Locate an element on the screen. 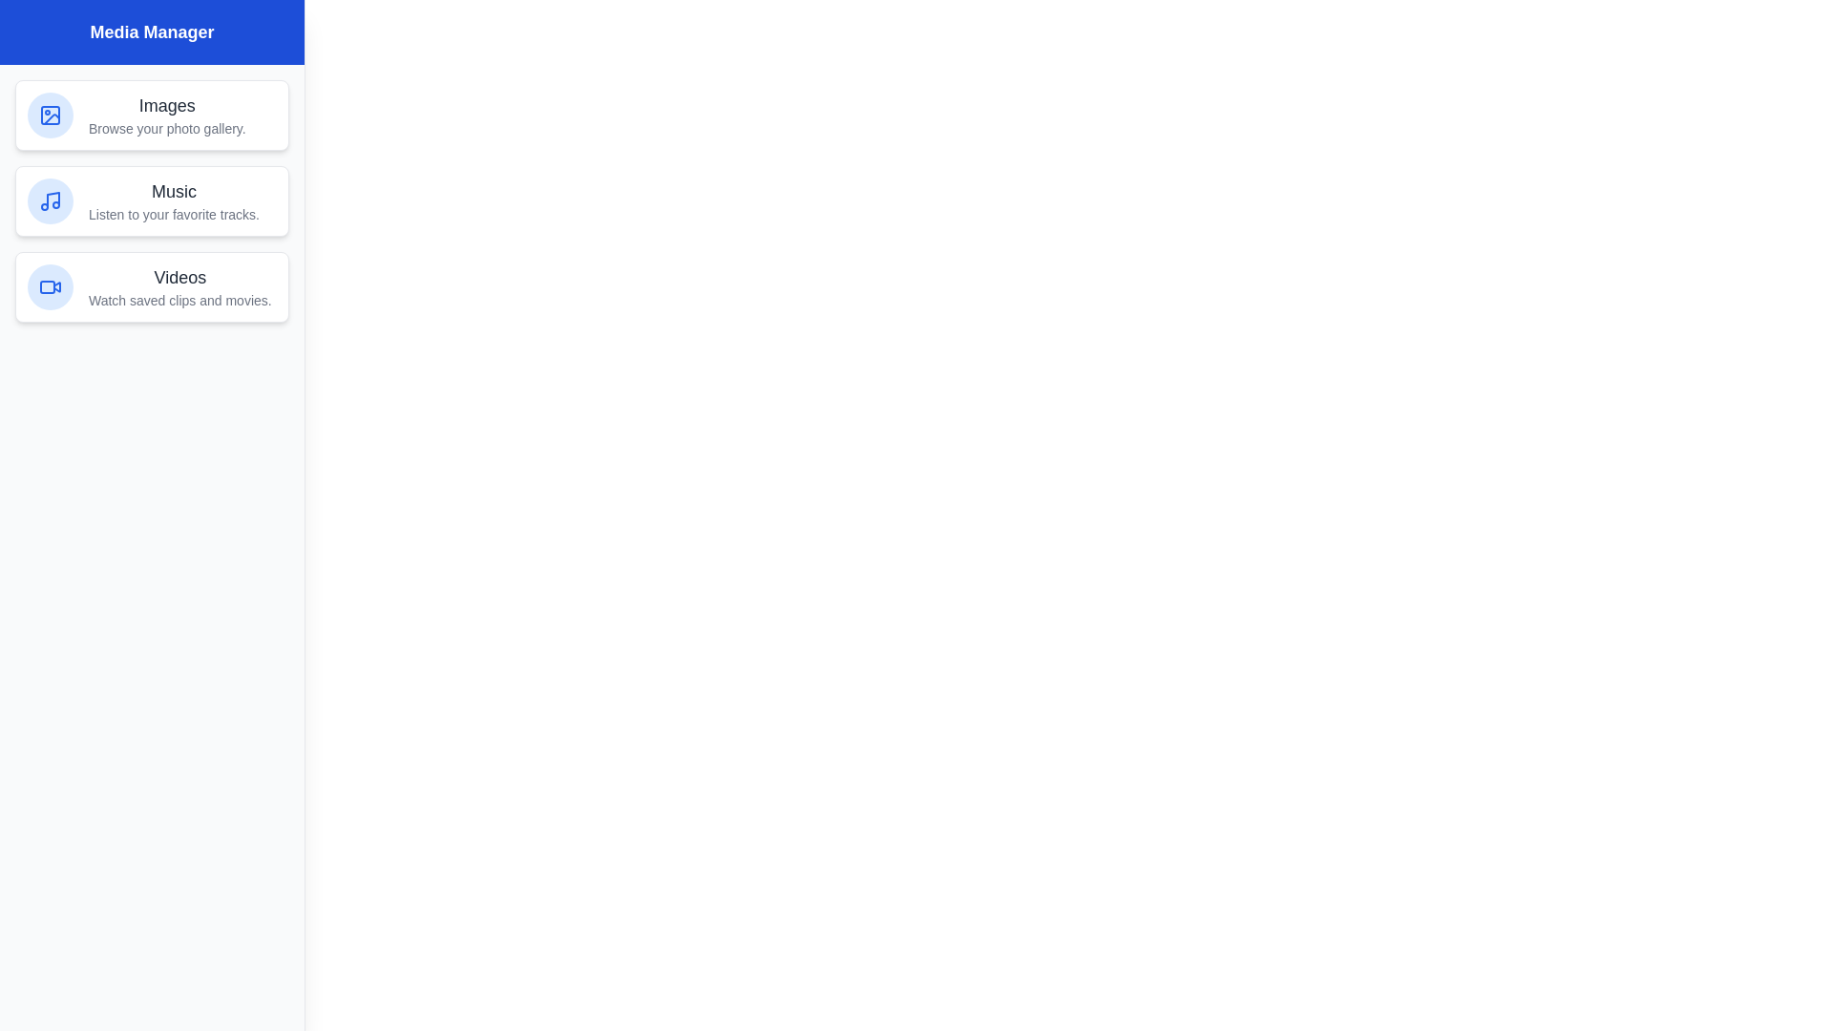 Image resolution: width=1833 pixels, height=1031 pixels. the button in the top-left corner to toggle the drawer is located at coordinates (41, 41).